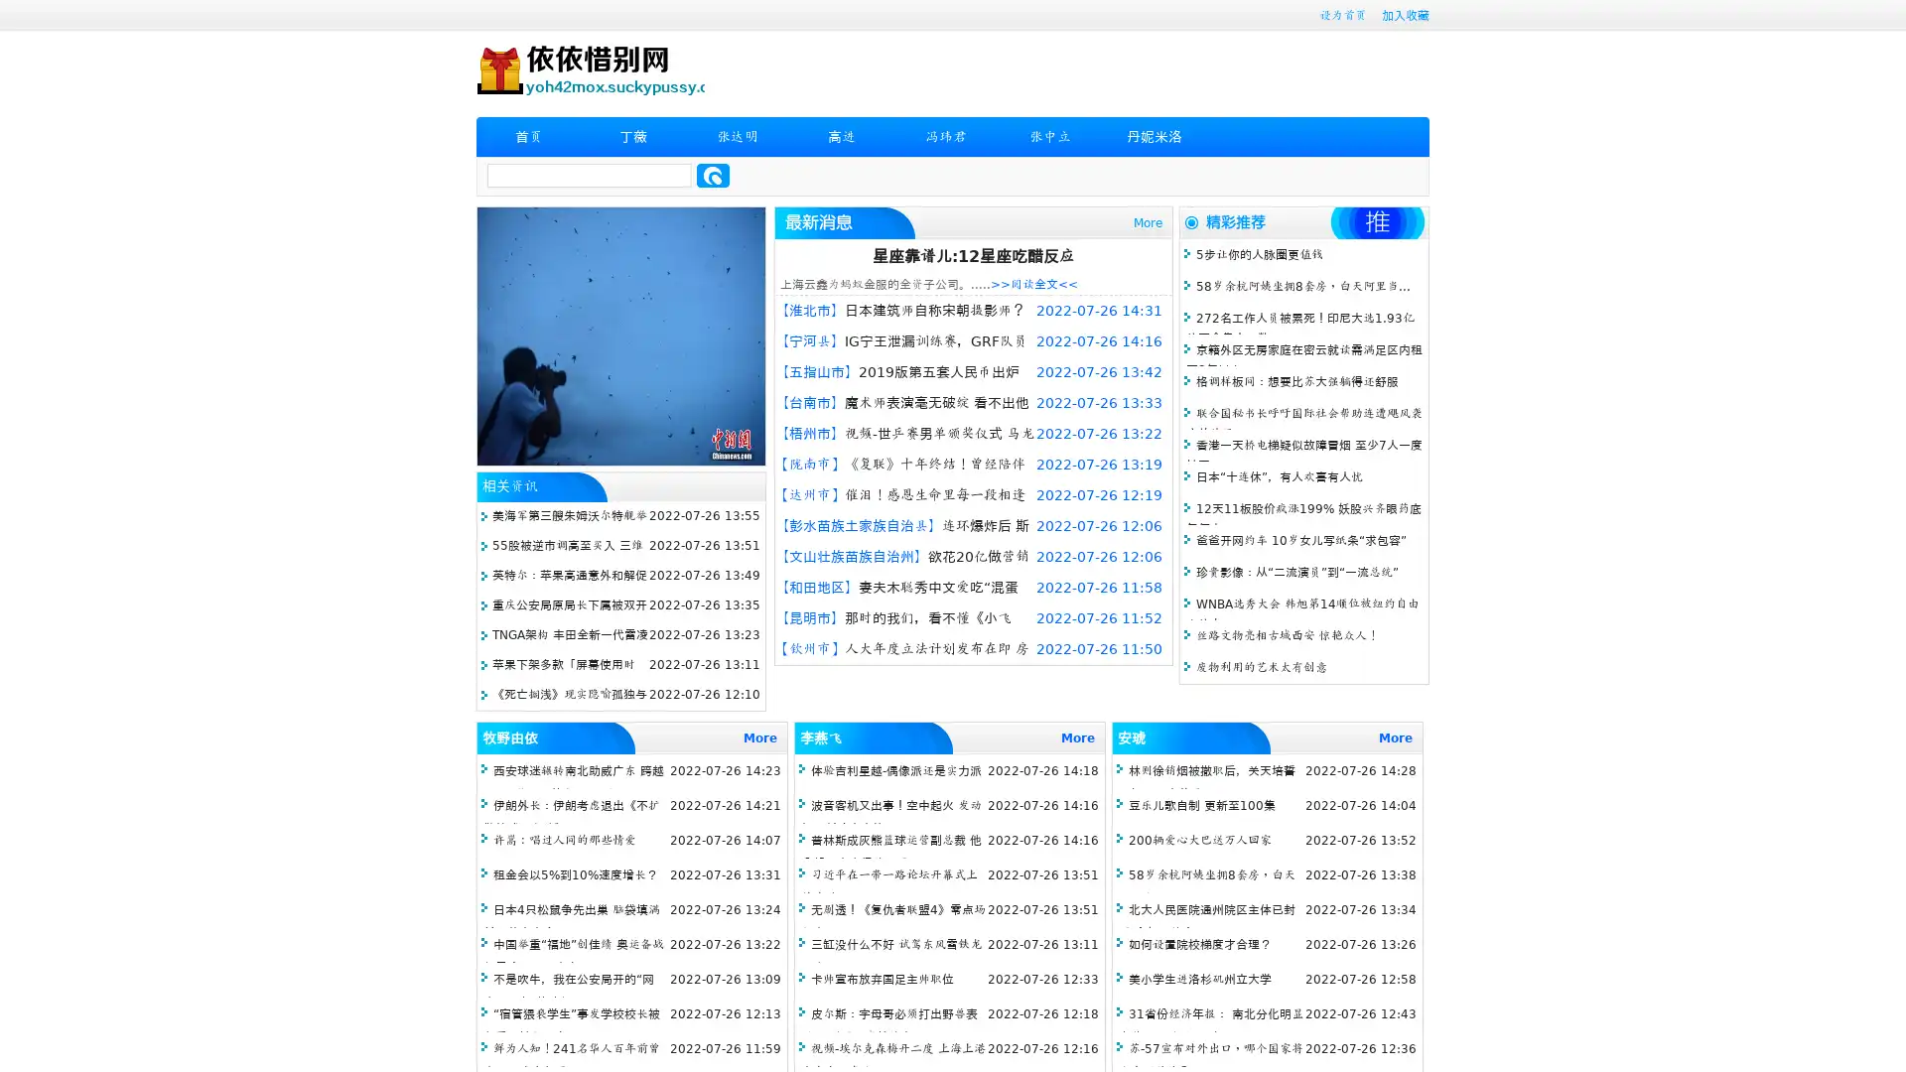 This screenshot has width=1906, height=1072. Describe the element at coordinates (713, 175) in the screenshot. I see `Search` at that location.